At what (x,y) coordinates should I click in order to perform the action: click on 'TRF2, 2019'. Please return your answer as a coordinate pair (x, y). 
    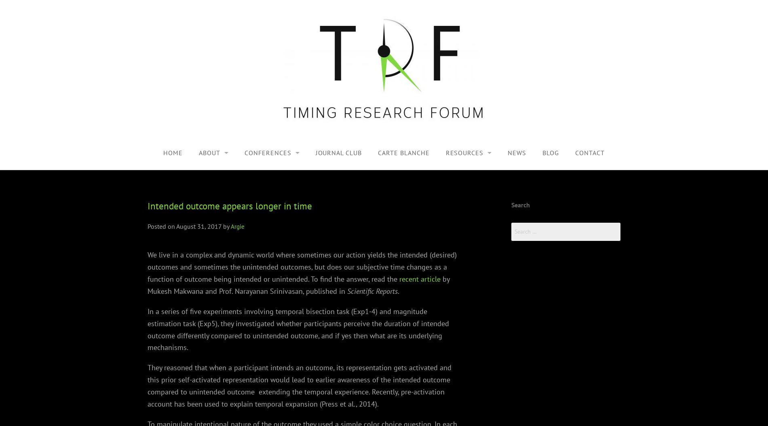
    Looking at the image, I should click on (272, 192).